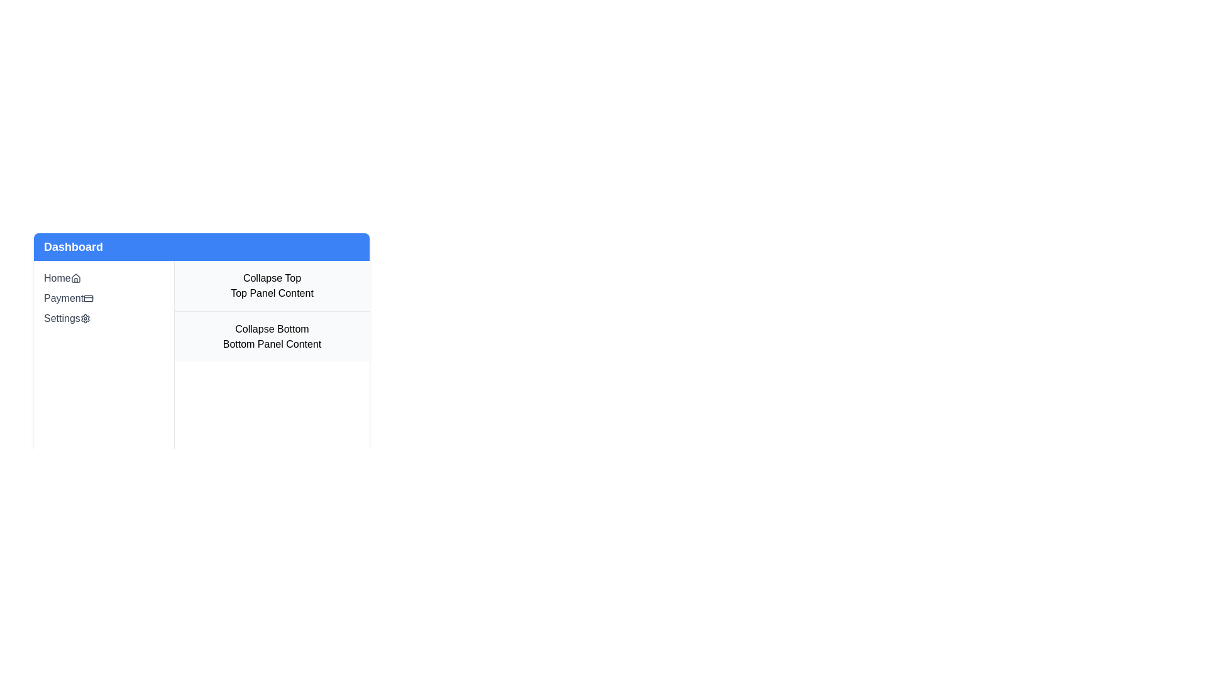 This screenshot has width=1207, height=679. What do you see at coordinates (84, 317) in the screenshot?
I see `the gear icon in the settings menu` at bounding box center [84, 317].